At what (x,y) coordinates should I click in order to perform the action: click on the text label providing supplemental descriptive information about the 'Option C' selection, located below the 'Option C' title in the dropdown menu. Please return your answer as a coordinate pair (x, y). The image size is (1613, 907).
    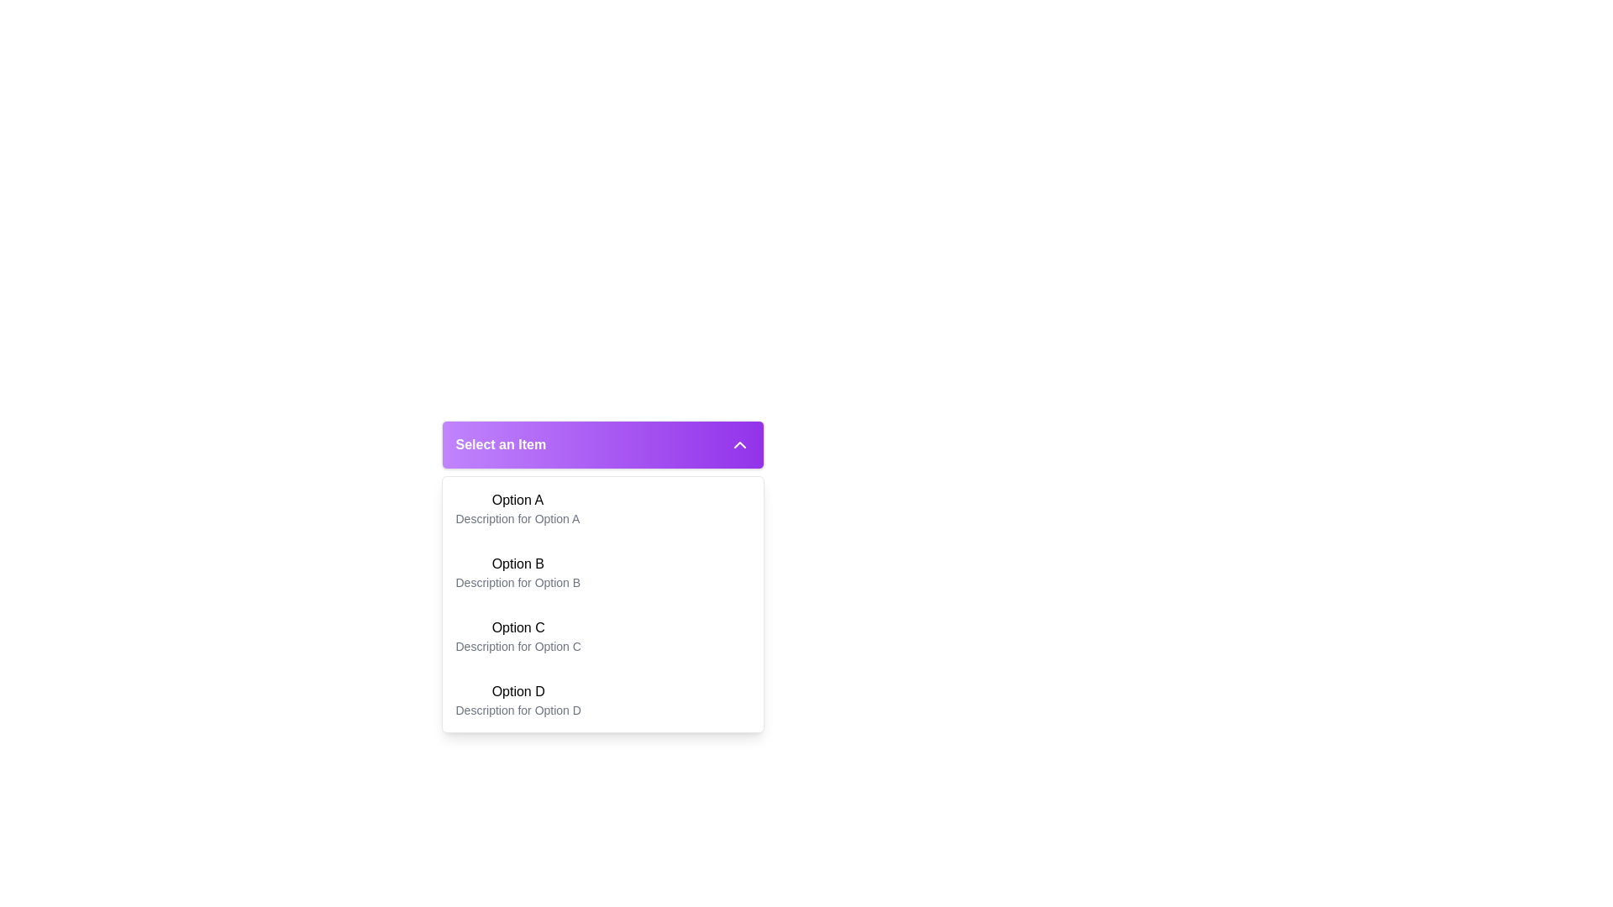
    Looking at the image, I should click on (518, 646).